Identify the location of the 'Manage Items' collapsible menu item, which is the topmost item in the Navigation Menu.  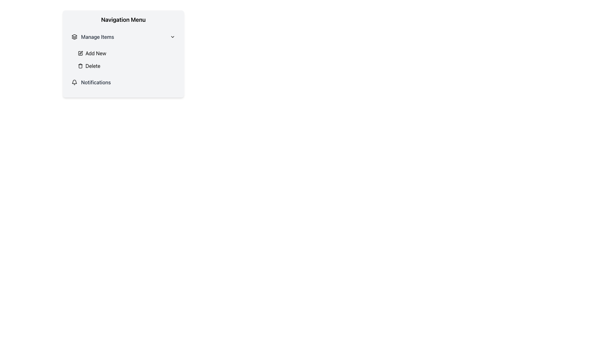
(123, 37).